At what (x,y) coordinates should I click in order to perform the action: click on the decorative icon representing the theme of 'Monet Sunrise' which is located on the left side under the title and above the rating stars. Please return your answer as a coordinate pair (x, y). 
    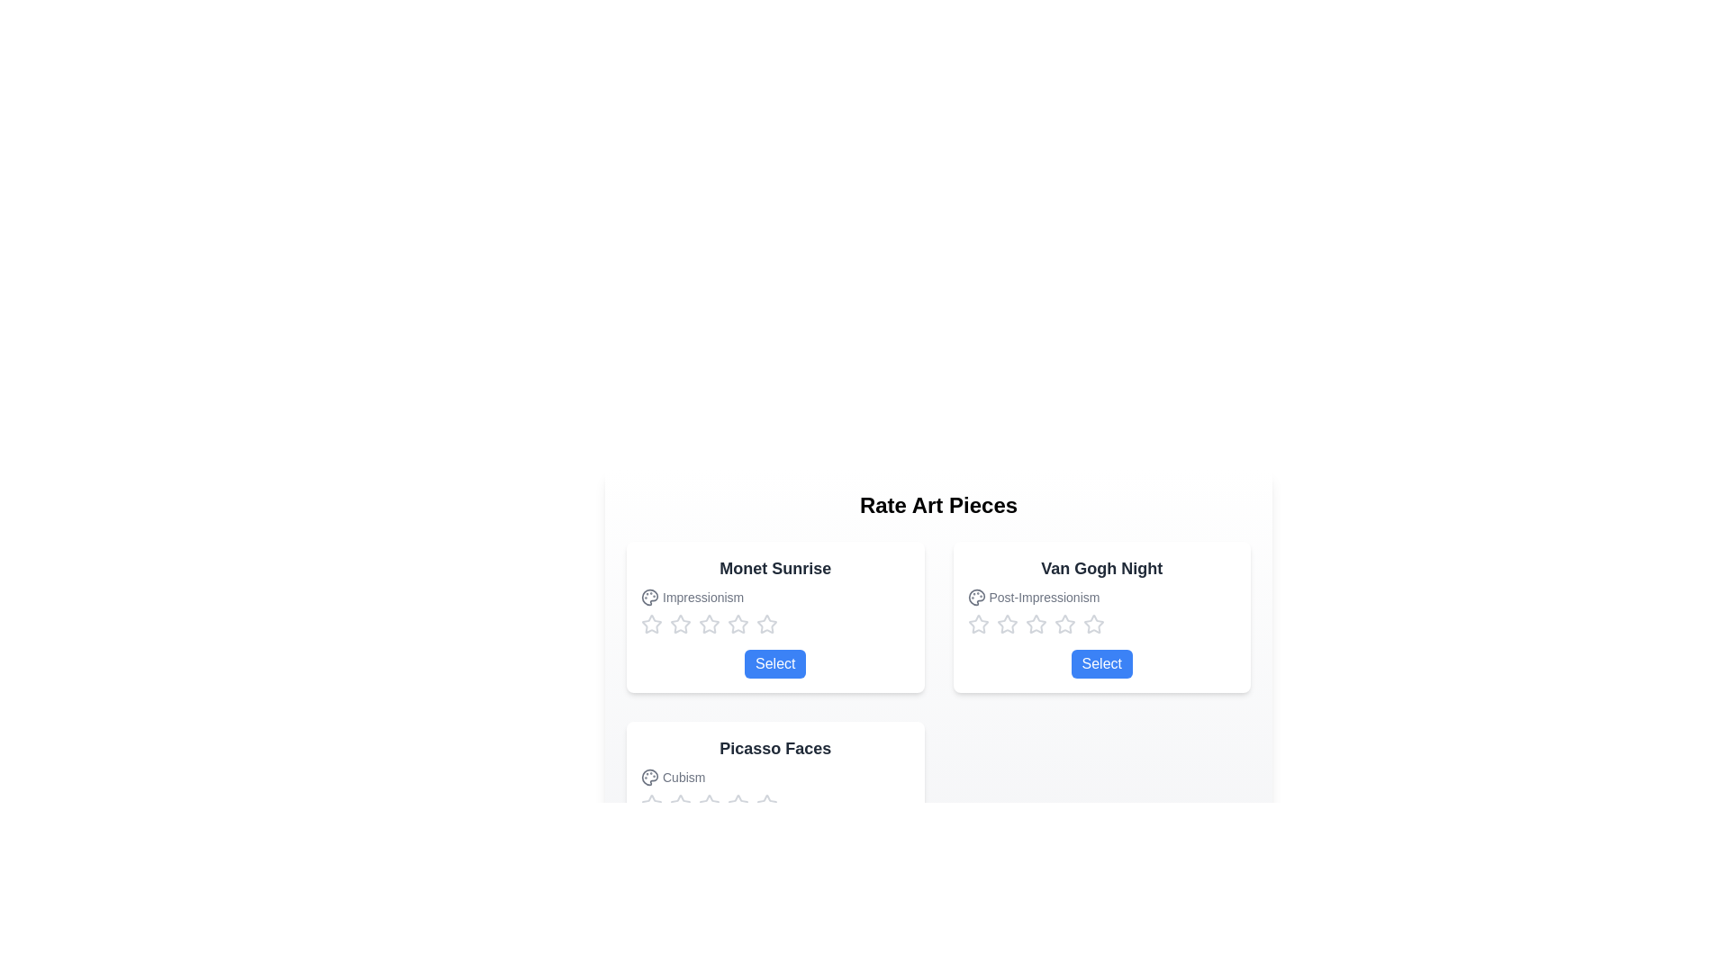
    Looking at the image, I should click on (648, 597).